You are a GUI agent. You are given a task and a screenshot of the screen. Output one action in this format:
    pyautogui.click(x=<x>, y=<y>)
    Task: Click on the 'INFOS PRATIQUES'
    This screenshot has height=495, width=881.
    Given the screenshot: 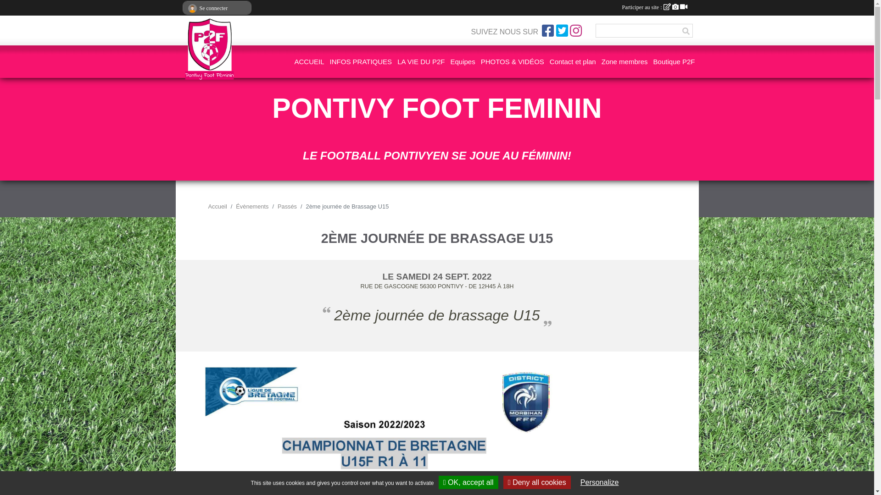 What is the action you would take?
    pyautogui.click(x=330, y=61)
    